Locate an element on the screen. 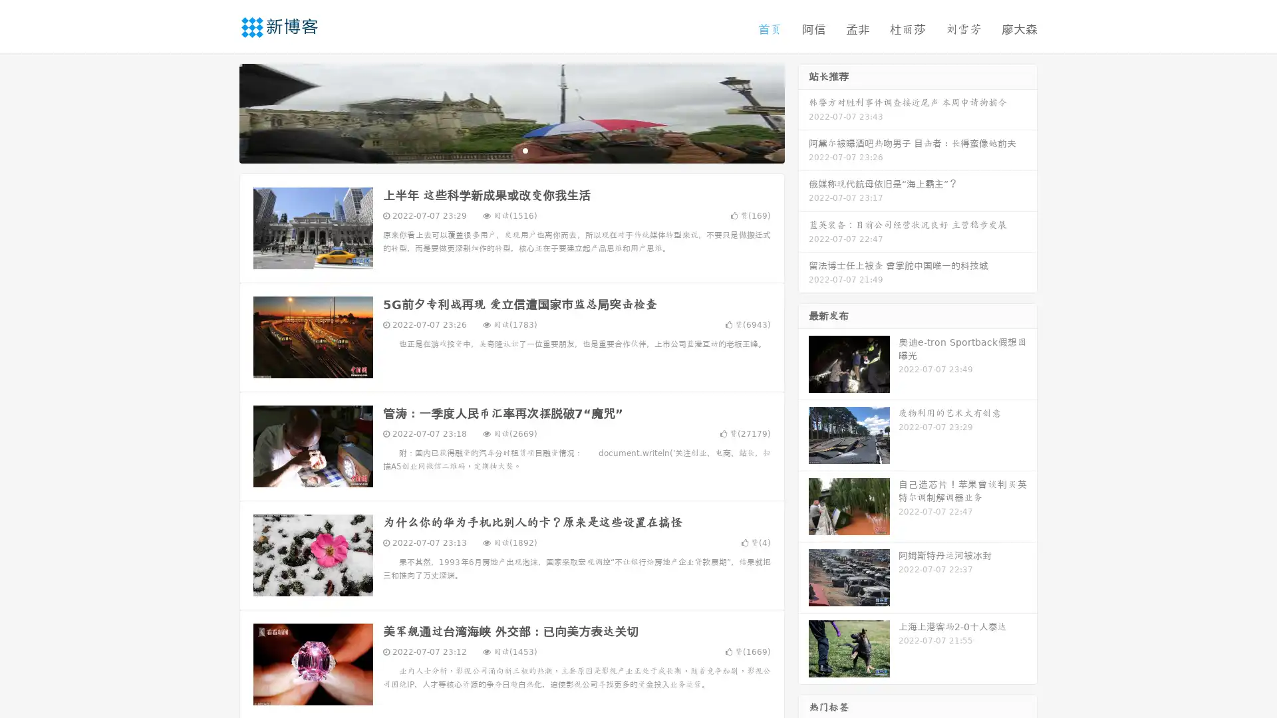 The height and width of the screenshot is (718, 1277). Go to slide 2 is located at coordinates (511, 150).